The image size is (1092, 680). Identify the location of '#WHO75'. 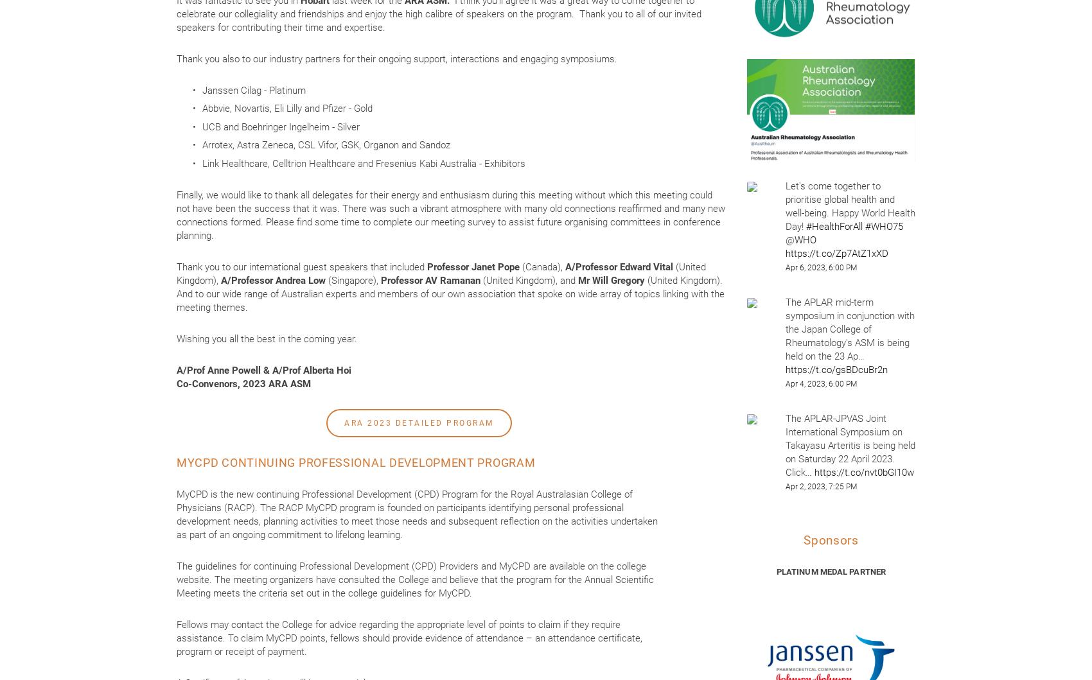
(884, 225).